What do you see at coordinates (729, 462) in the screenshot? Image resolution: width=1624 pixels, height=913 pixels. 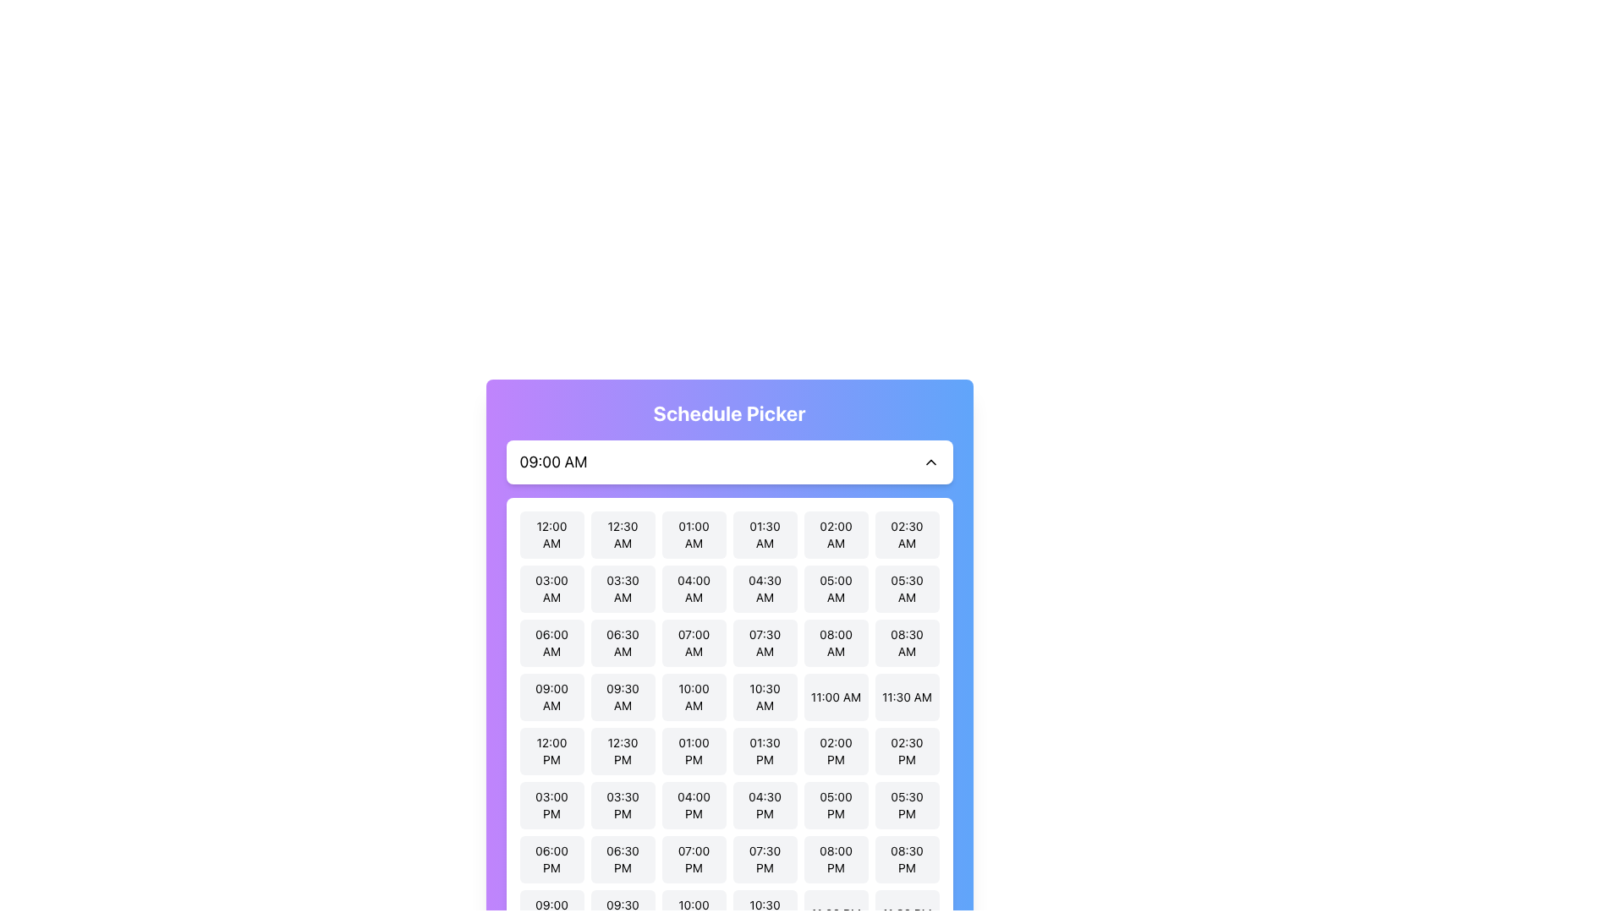 I see `the Dropdown button located below the 'Schedule Picker' heading` at bounding box center [729, 462].